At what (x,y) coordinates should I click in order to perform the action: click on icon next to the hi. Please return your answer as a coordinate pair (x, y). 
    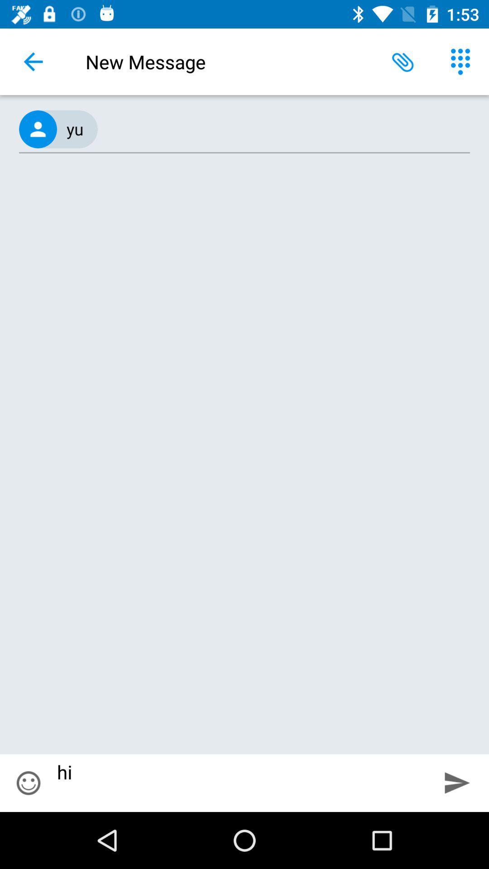
    Looking at the image, I should click on (28, 783).